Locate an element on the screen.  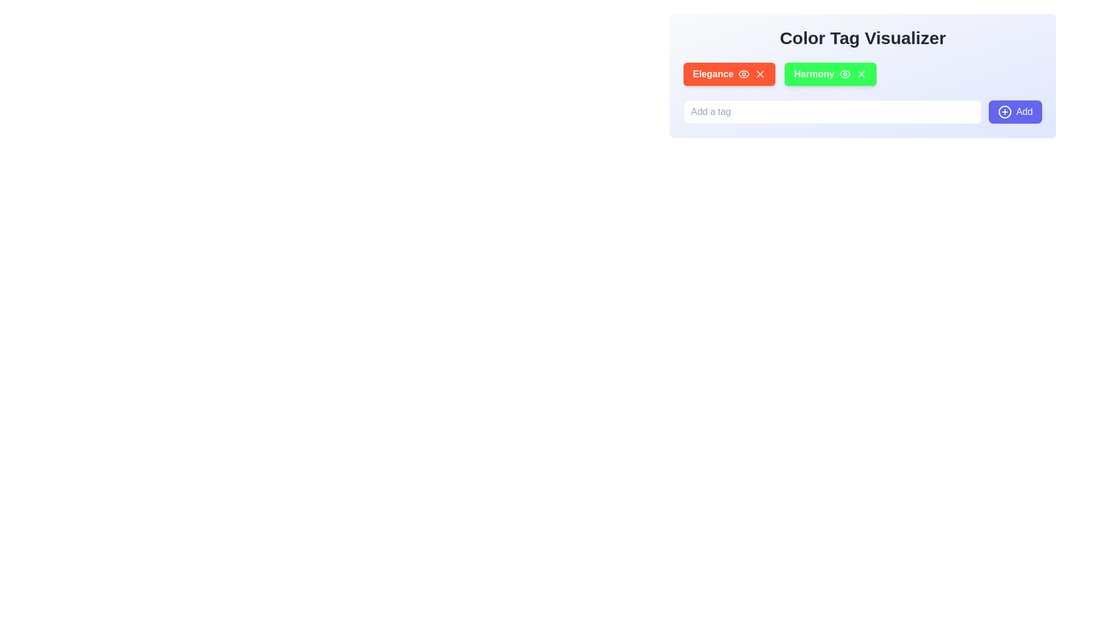
the Close icon represented as an 'X' mark in the top-right corner of the green 'Harmony' label is located at coordinates (861, 74).